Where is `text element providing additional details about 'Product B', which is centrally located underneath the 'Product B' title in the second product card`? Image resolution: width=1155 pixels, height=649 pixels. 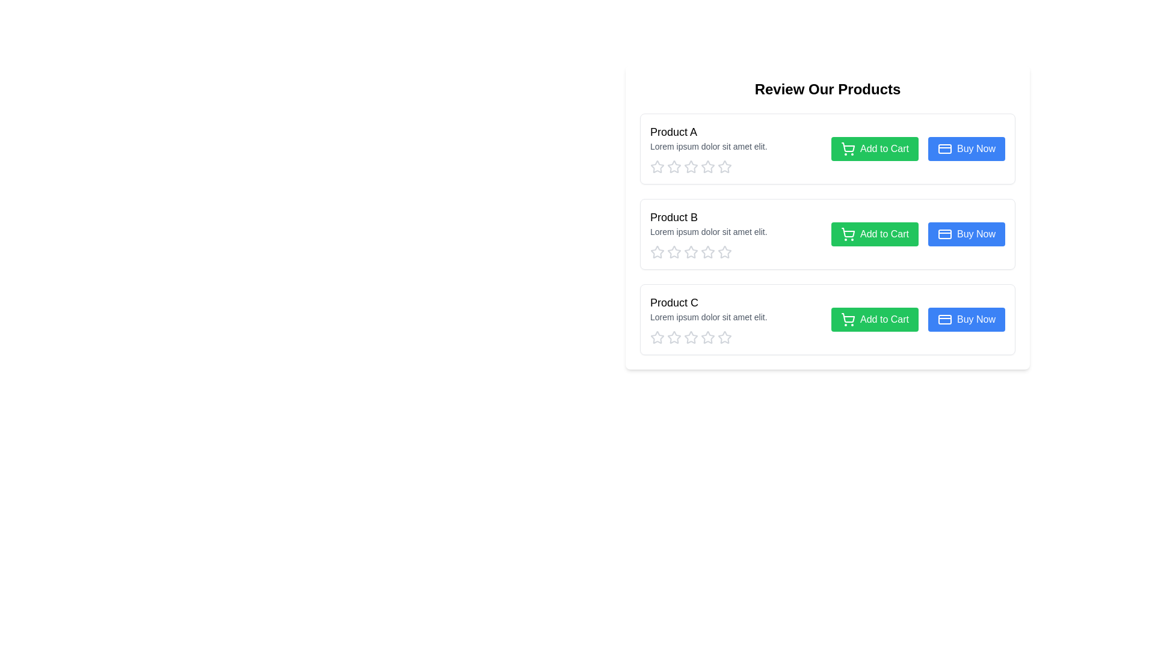
text element providing additional details about 'Product B', which is centrally located underneath the 'Product B' title in the second product card is located at coordinates (709, 231).